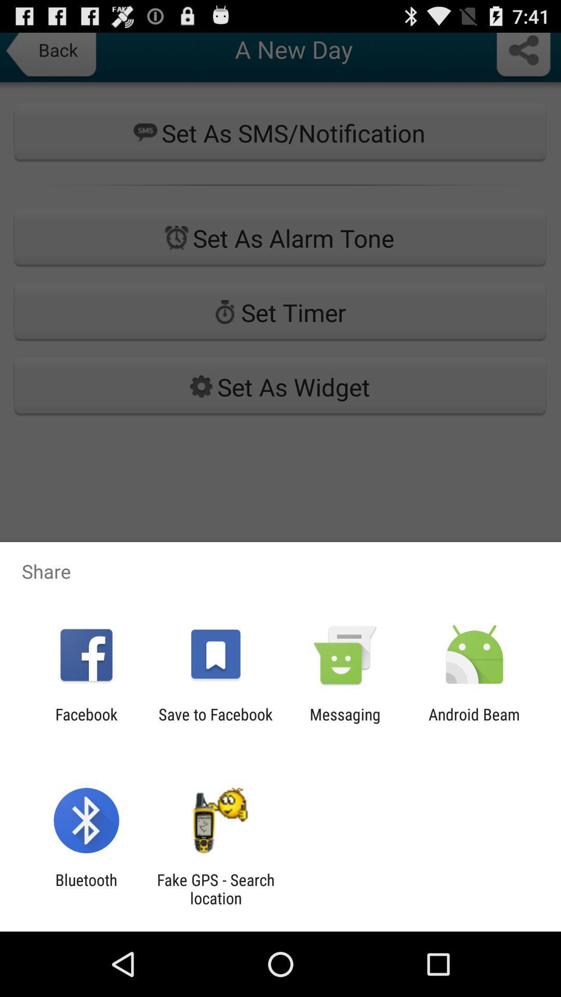 This screenshot has width=561, height=997. Describe the element at coordinates (215, 723) in the screenshot. I see `the icon to the right of facebook icon` at that location.